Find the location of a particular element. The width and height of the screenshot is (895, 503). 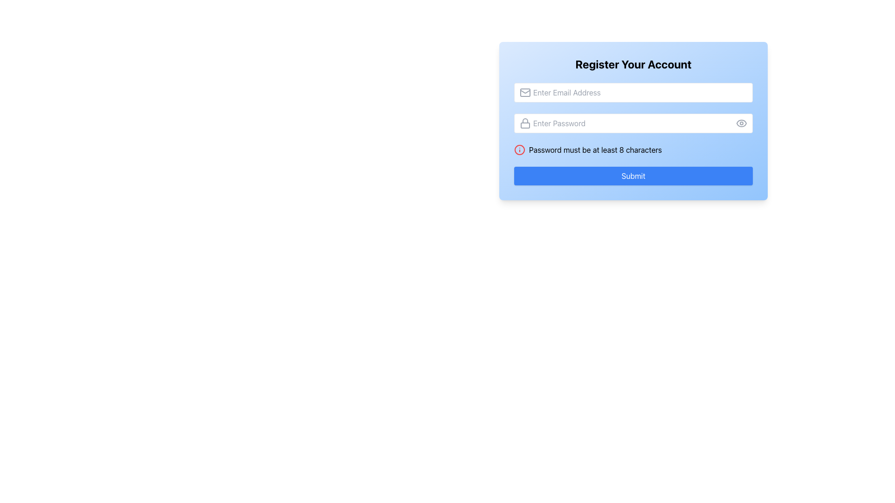

the small horizontal rectangular shape with rounded corners inside the gray lock icon preceding the 'Enter Password' input field is located at coordinates (525, 125).